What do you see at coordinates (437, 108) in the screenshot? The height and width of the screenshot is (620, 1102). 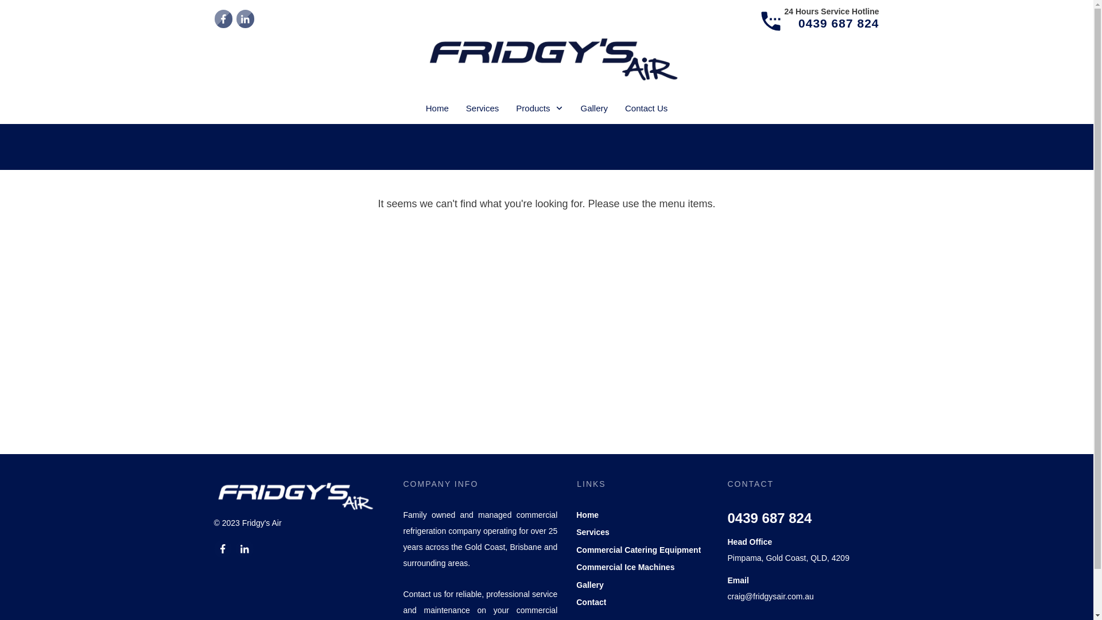 I see `'Home'` at bounding box center [437, 108].